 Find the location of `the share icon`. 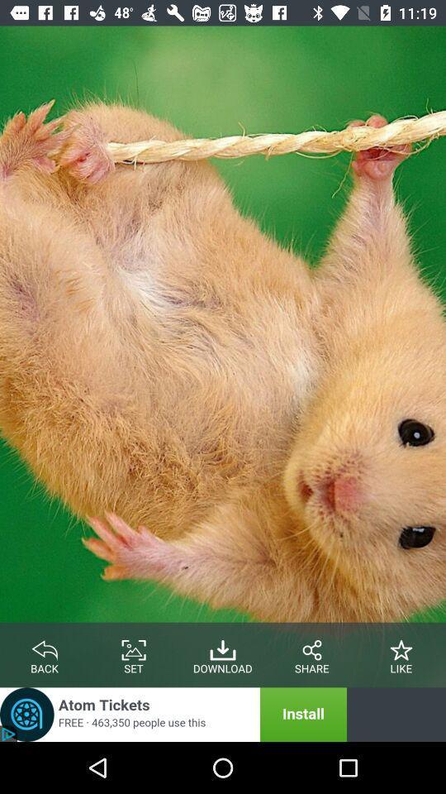

the share icon is located at coordinates (312, 647).